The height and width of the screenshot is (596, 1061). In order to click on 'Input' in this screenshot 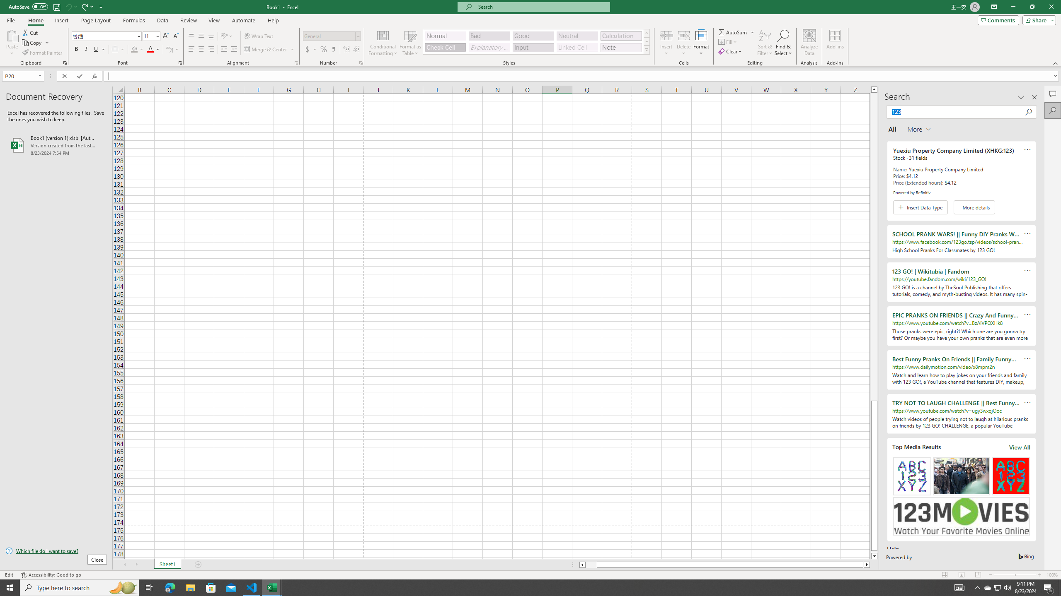, I will do `click(533, 47)`.